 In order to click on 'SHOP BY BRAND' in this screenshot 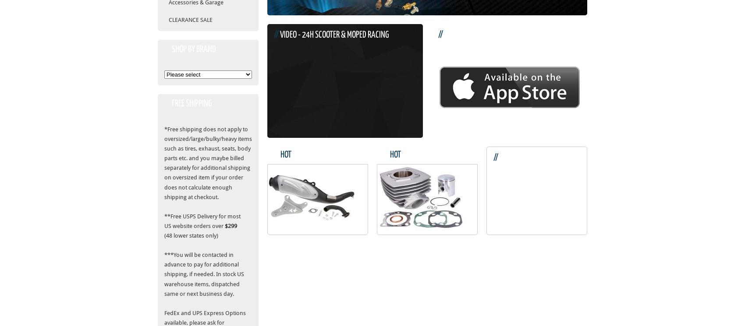, I will do `click(194, 49)`.